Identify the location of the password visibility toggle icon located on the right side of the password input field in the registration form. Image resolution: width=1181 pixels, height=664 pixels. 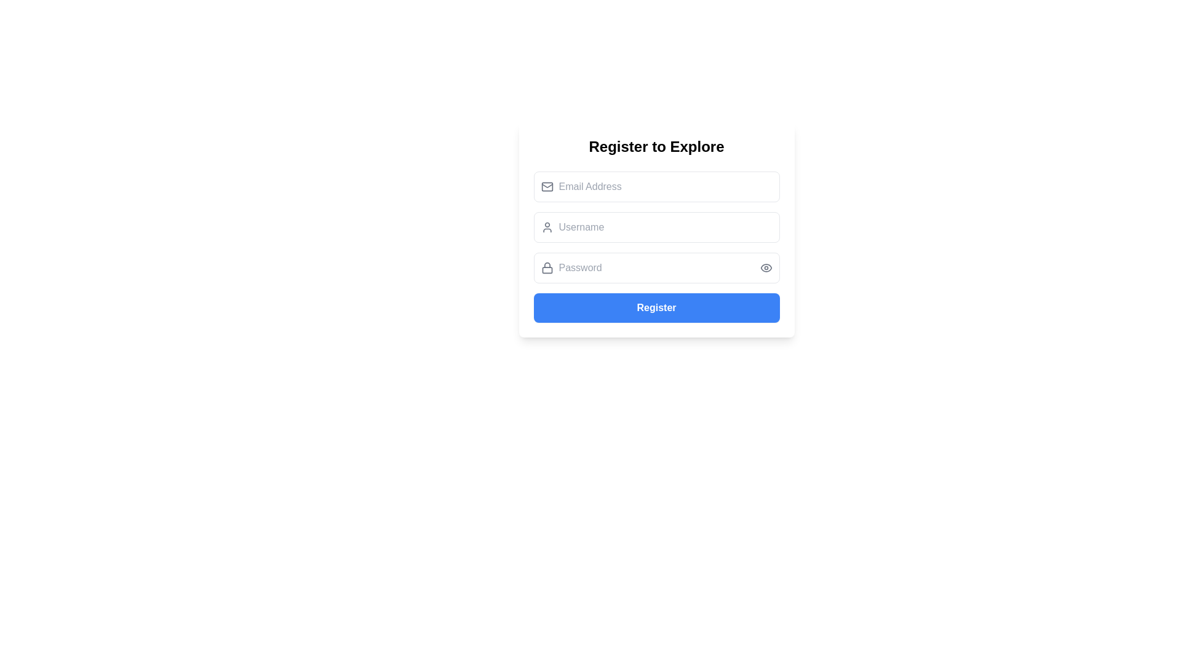
(765, 267).